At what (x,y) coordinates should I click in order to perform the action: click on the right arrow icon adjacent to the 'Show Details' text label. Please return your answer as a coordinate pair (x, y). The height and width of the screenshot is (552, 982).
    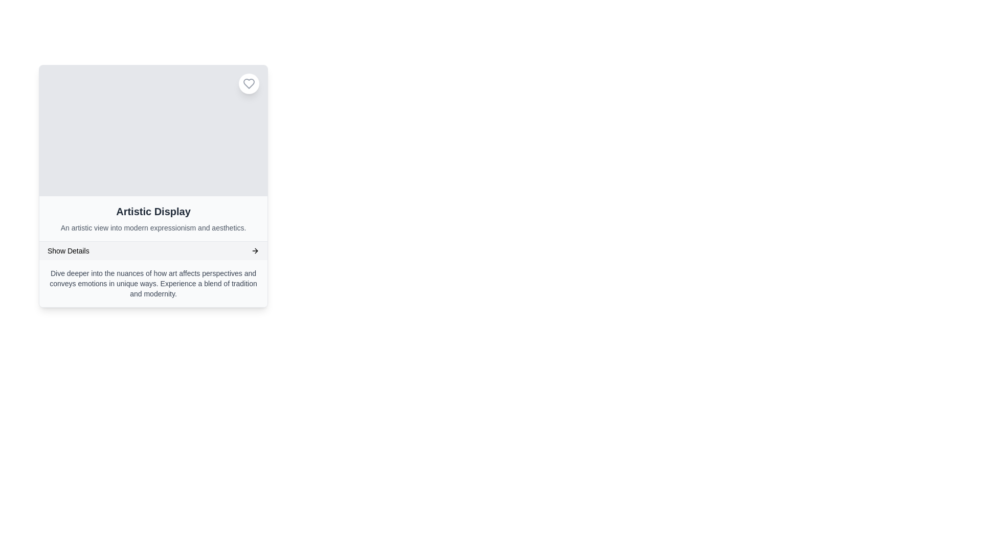
    Looking at the image, I should click on (255, 250).